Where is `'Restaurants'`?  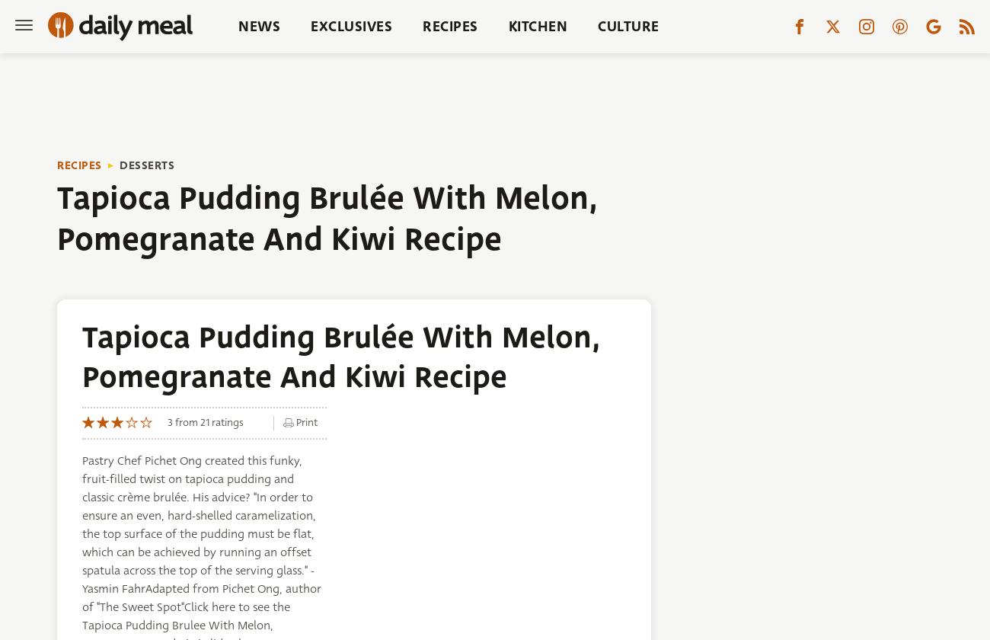
'Restaurants' is located at coordinates (555, 82).